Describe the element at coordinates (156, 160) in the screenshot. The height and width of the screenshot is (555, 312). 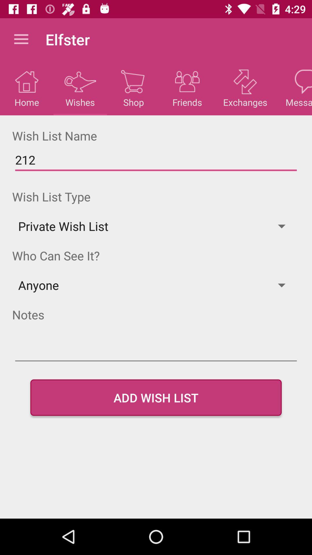
I see `212` at that location.